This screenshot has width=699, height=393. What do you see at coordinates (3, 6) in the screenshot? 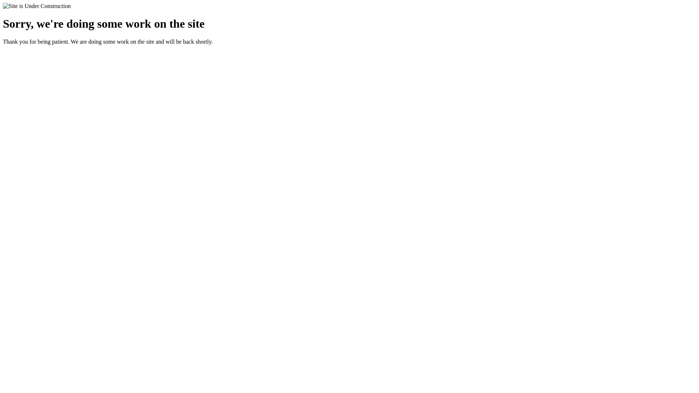
I see `'Site is Under Construction'` at bounding box center [3, 6].